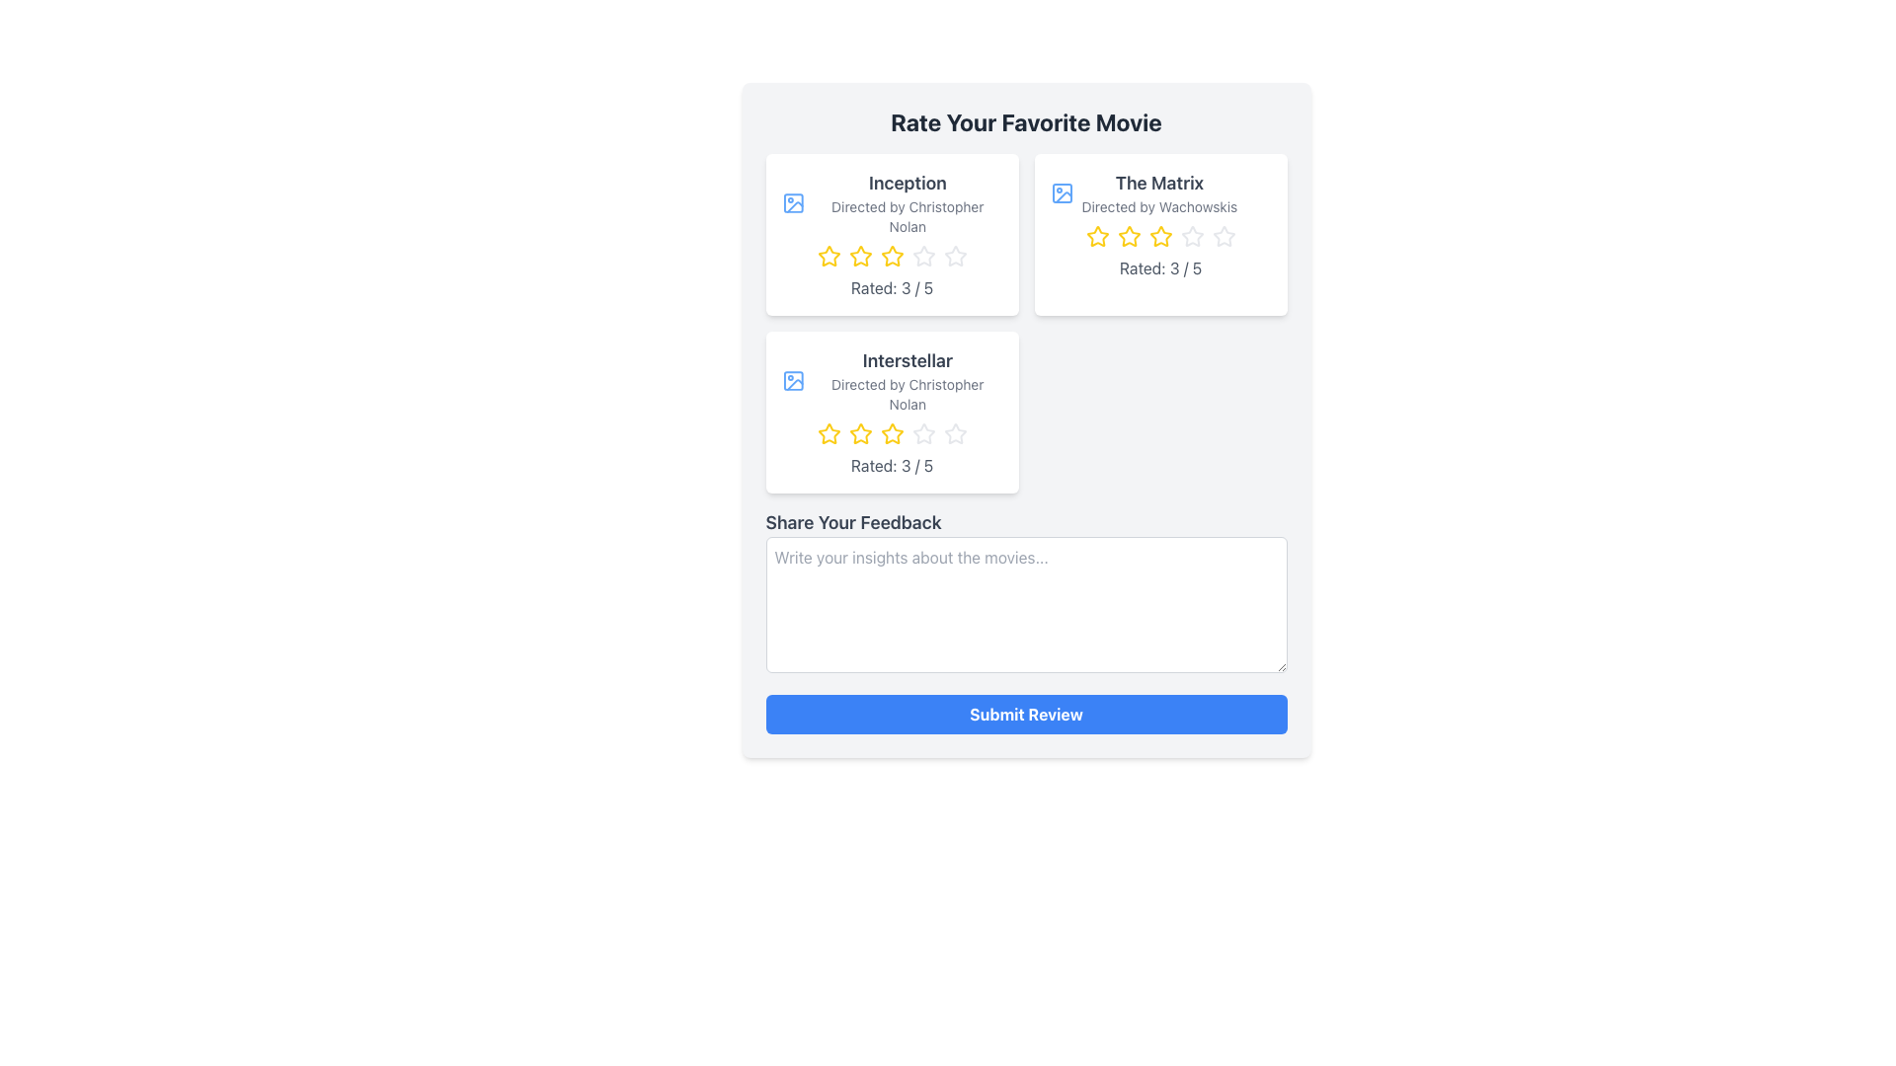 Image resolution: width=1896 pixels, height=1066 pixels. What do you see at coordinates (860, 255) in the screenshot?
I see `the second star from the left in the ratings row for the movie 'Inception' to set the rating to two out of five` at bounding box center [860, 255].